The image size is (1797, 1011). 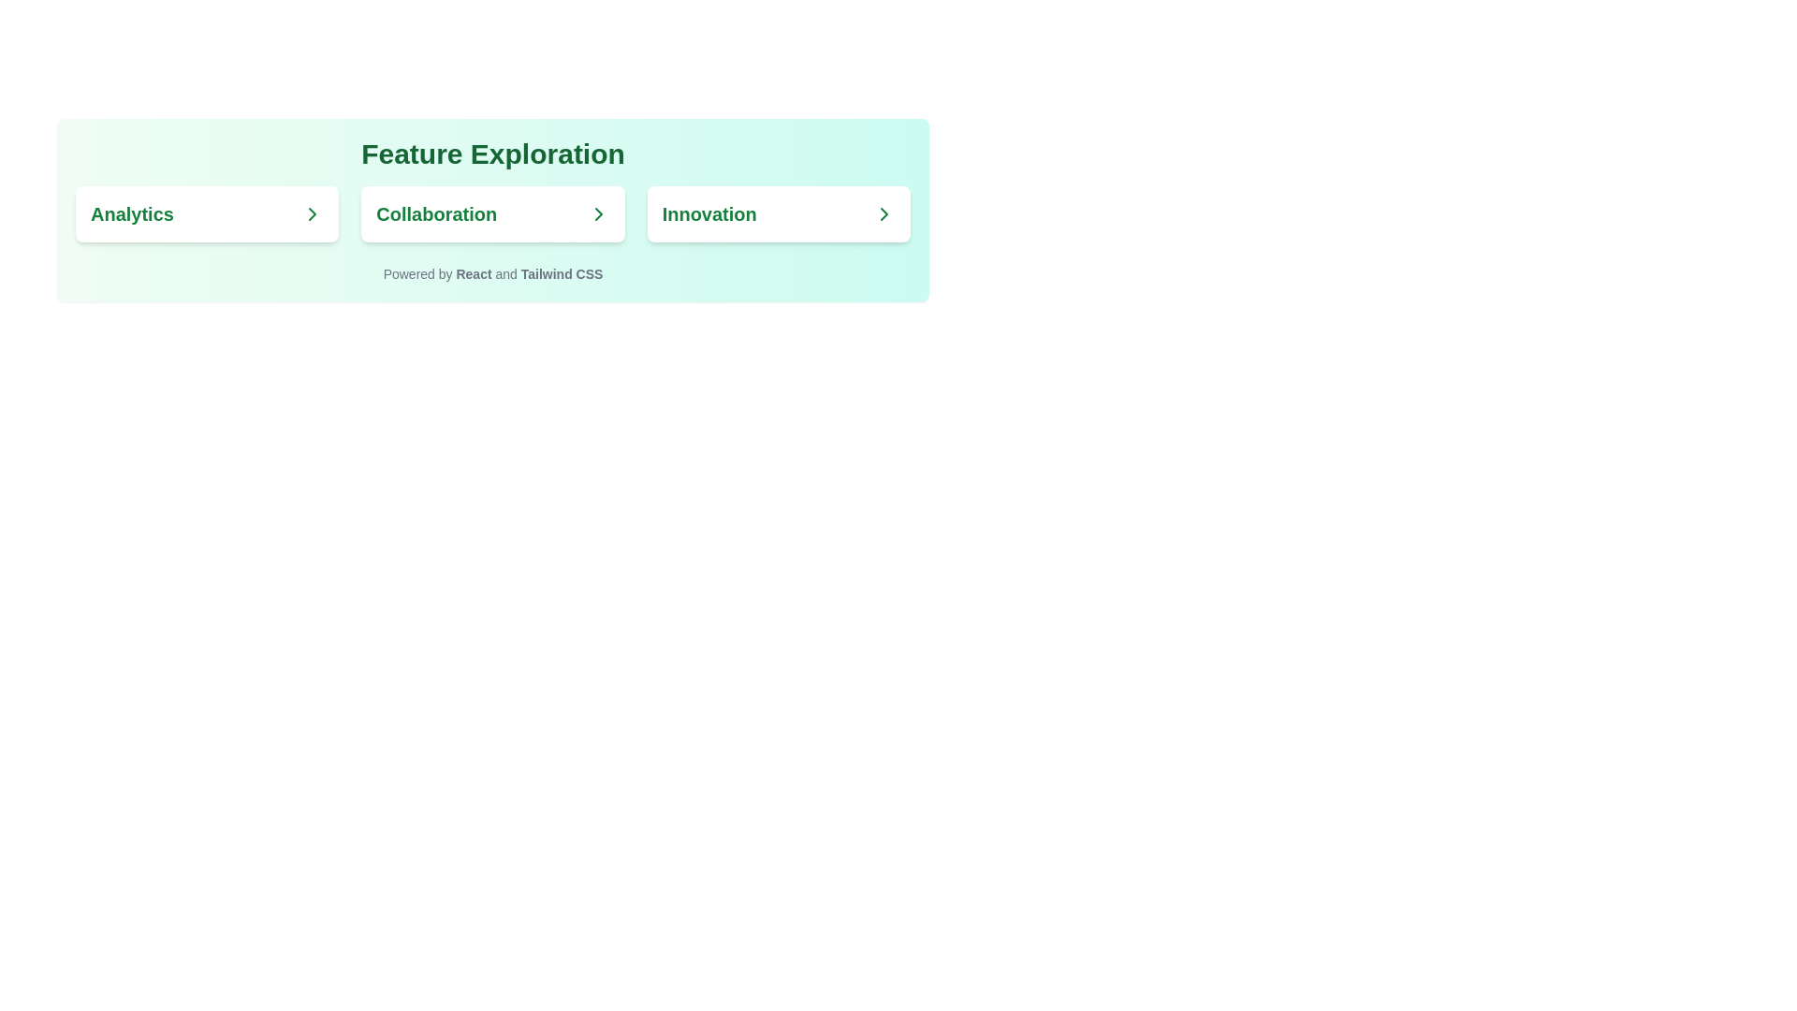 What do you see at coordinates (207, 212) in the screenshot?
I see `the 'Analytics' interactive card, which is the leftmost card in a horizontal group of three cards, to apply transform effects` at bounding box center [207, 212].